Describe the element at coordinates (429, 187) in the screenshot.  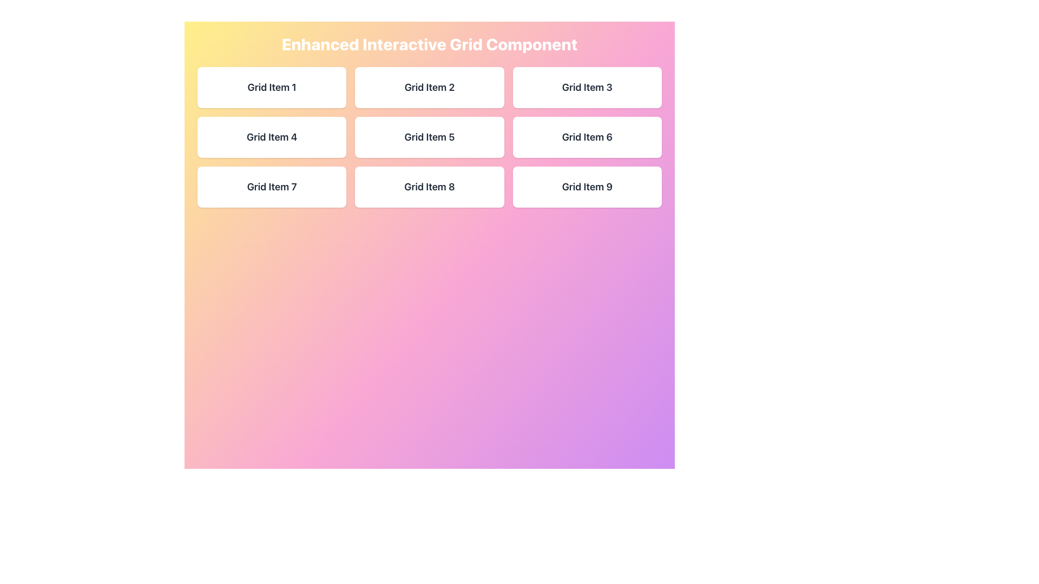
I see `the center button of the 3x3 grid layout, specifically 'Grid Item 8'` at that location.